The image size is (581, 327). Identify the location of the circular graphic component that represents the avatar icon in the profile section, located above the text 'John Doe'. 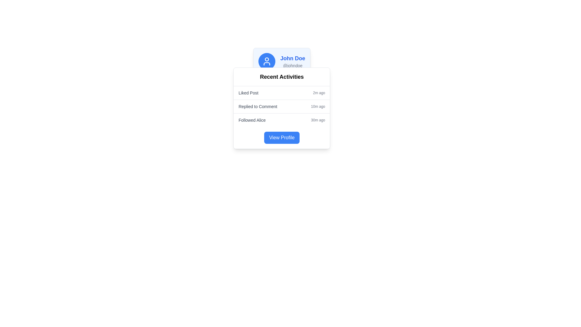
(267, 59).